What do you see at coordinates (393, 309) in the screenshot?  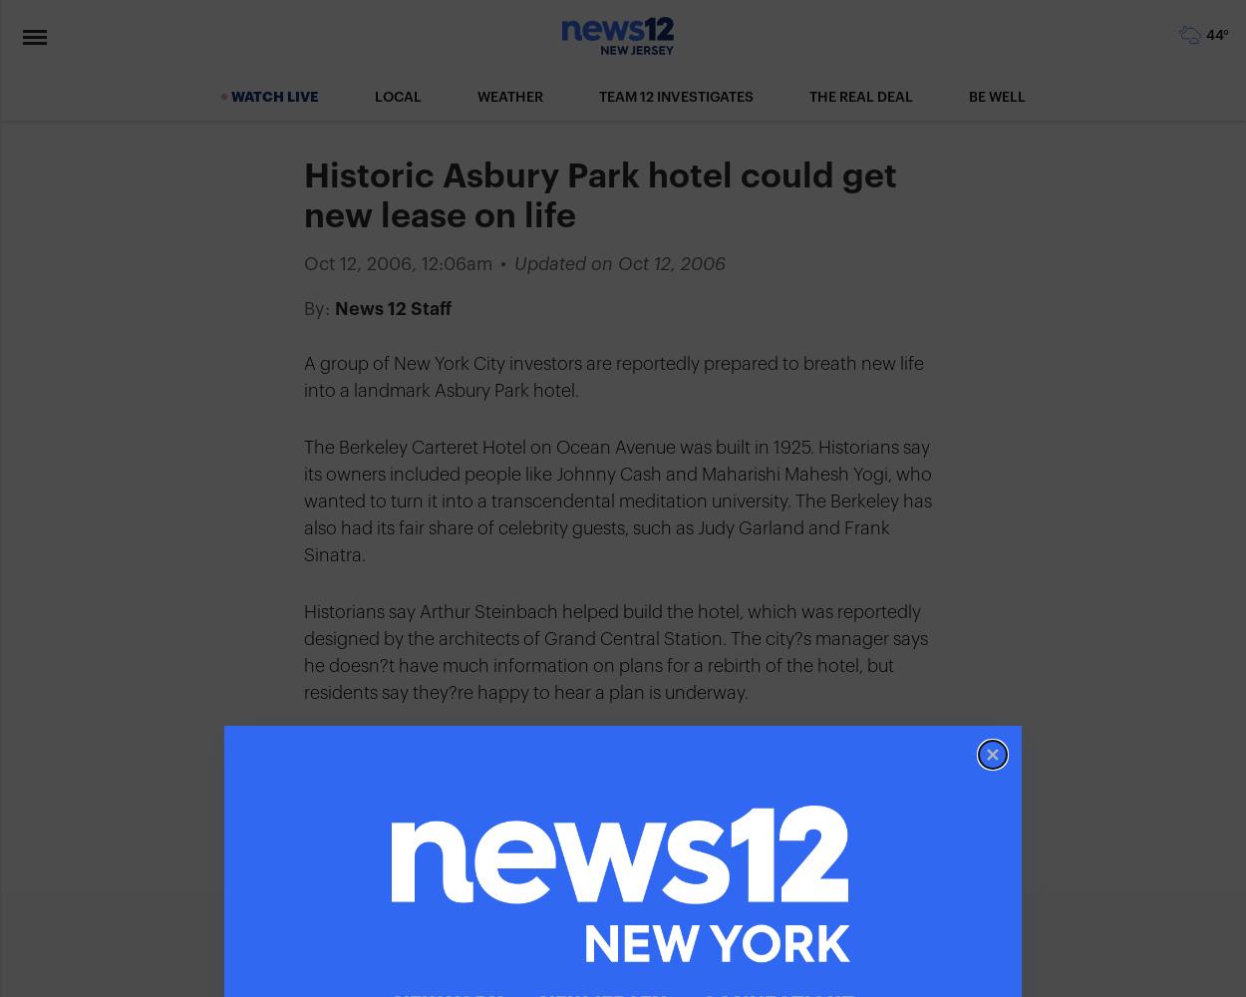 I see `'News 12 Staff'` at bounding box center [393, 309].